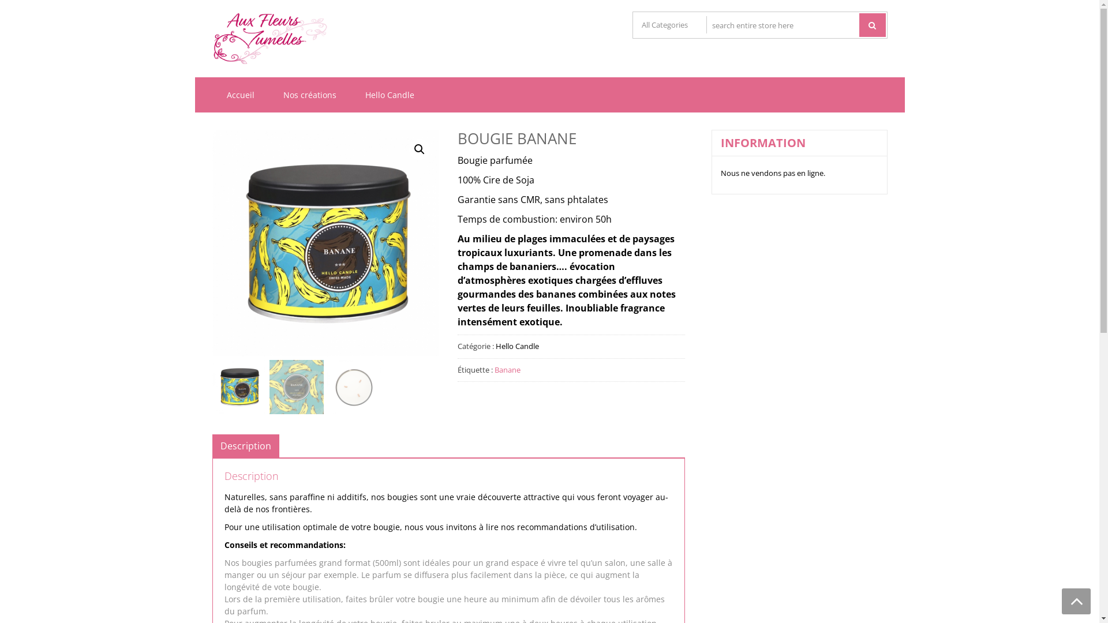  I want to click on 'Description', so click(245, 445).